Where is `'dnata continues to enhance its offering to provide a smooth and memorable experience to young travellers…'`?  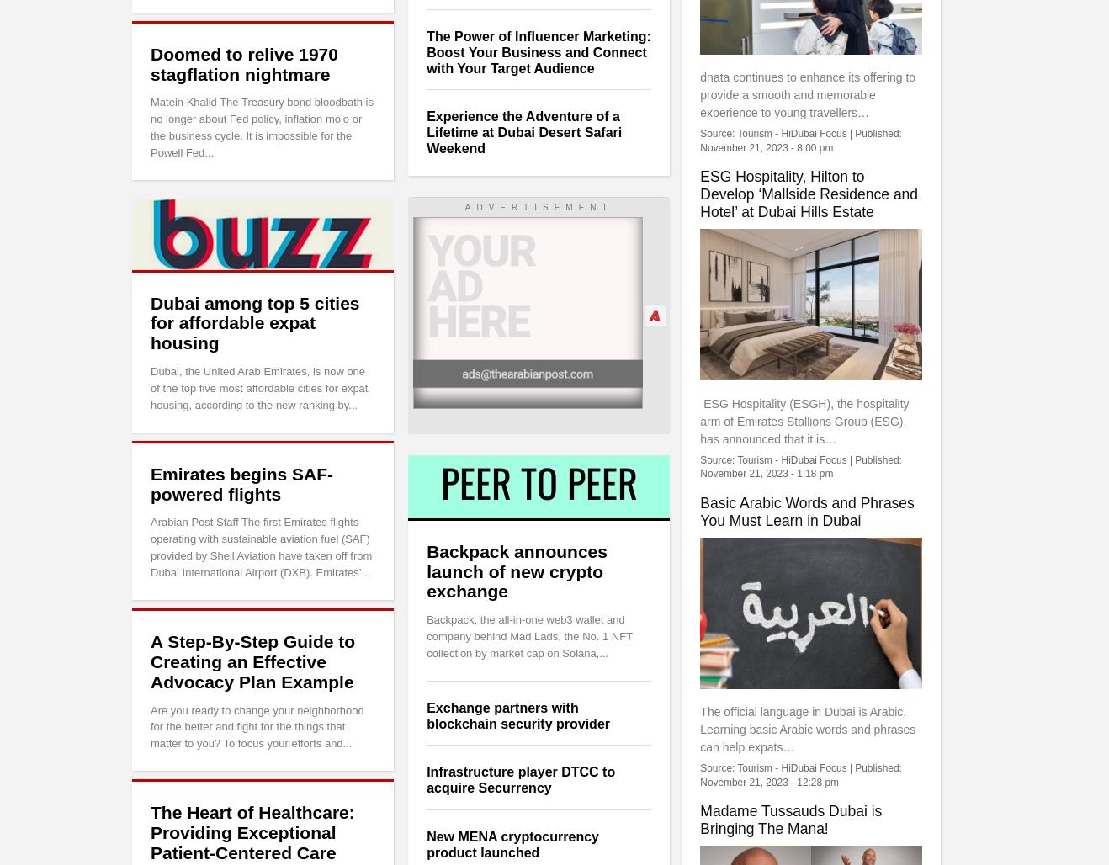 'dnata continues to enhance its offering to provide a smooth and memorable experience to young travellers…' is located at coordinates (807, 93).